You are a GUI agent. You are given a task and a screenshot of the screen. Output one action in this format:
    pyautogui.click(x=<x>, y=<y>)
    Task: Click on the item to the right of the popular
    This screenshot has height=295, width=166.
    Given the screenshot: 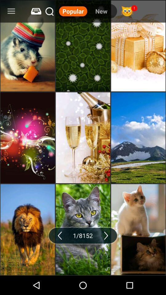 What is the action you would take?
    pyautogui.click(x=101, y=11)
    